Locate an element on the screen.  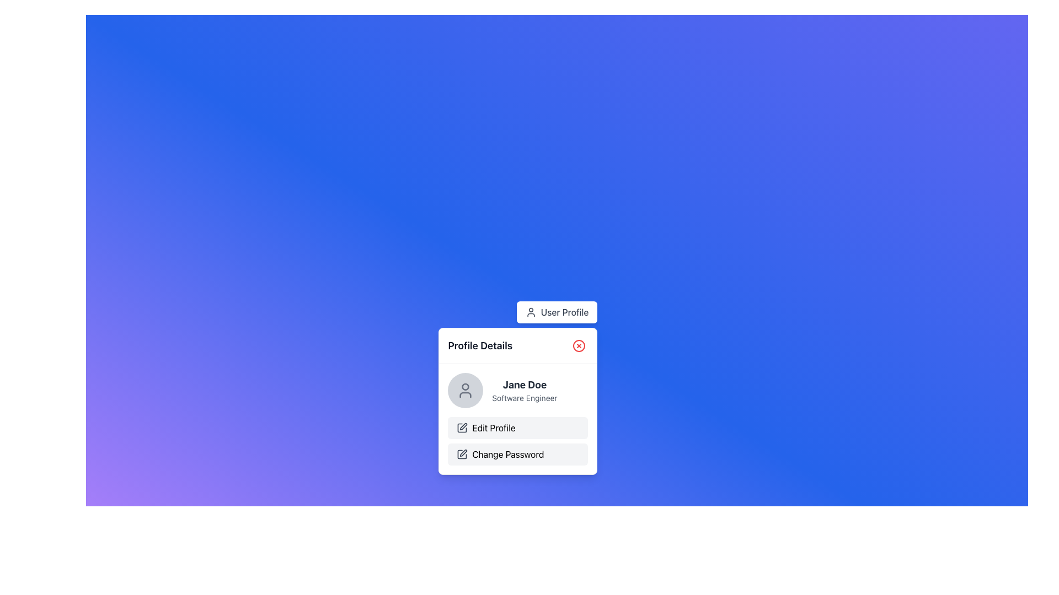
text content of the 'Profile Details' label, which is a prominent header in bold, large font on a white background is located at coordinates (480, 345).